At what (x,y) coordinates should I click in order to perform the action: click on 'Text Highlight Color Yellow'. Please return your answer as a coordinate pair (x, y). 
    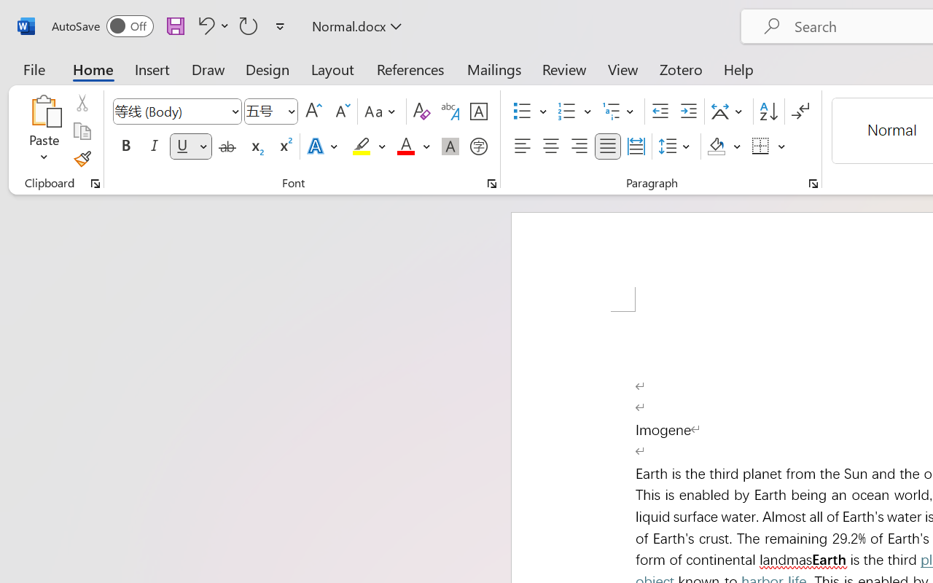
    Looking at the image, I should click on (362, 146).